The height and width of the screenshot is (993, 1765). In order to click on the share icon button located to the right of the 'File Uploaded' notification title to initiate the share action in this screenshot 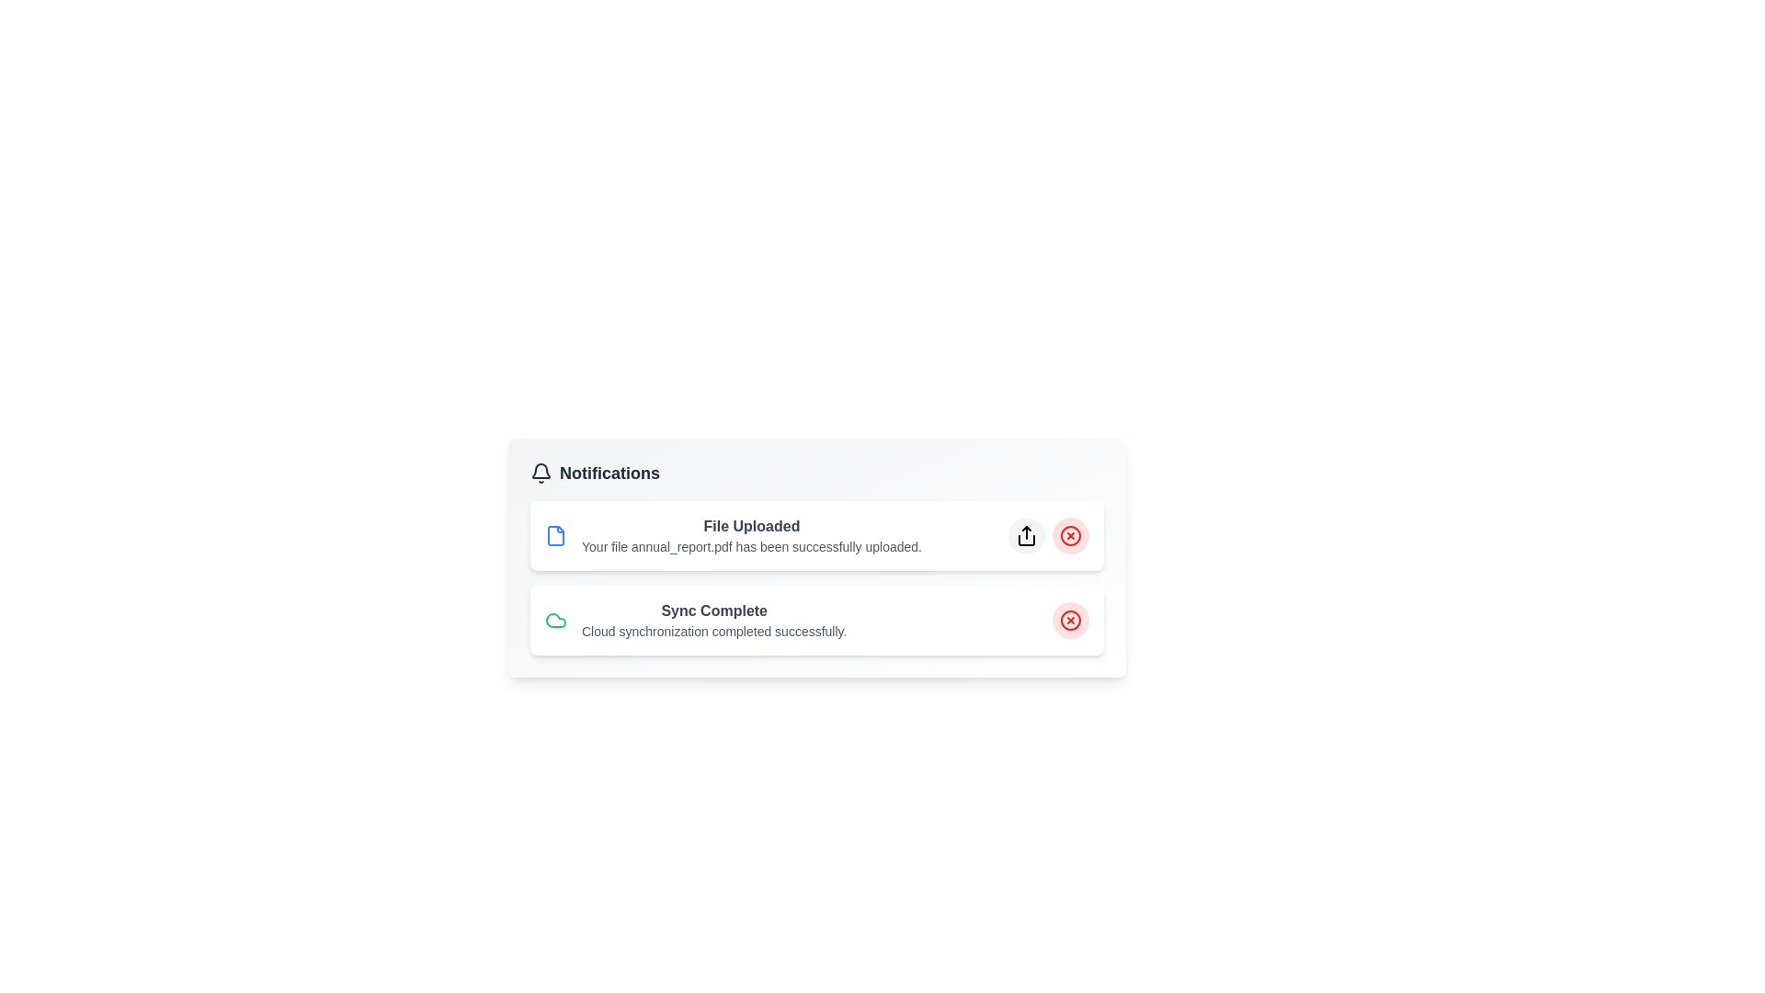, I will do `click(1026, 535)`.